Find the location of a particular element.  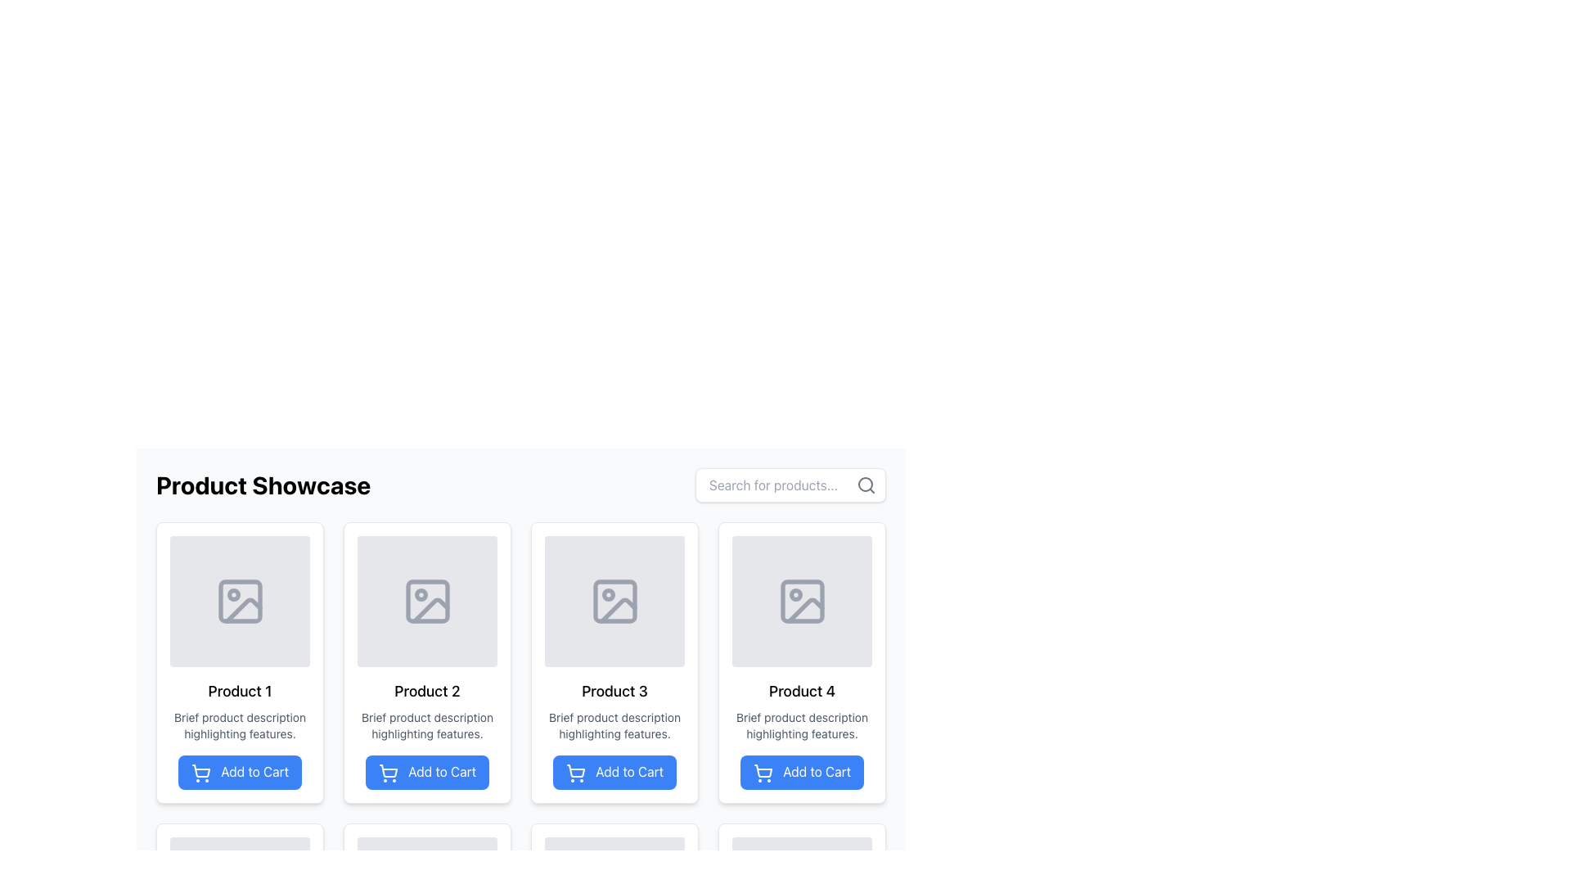

the decorative icon or marker within the SVG image located in the upper section of the fourth product card's image placeholder area is located at coordinates (795, 594).